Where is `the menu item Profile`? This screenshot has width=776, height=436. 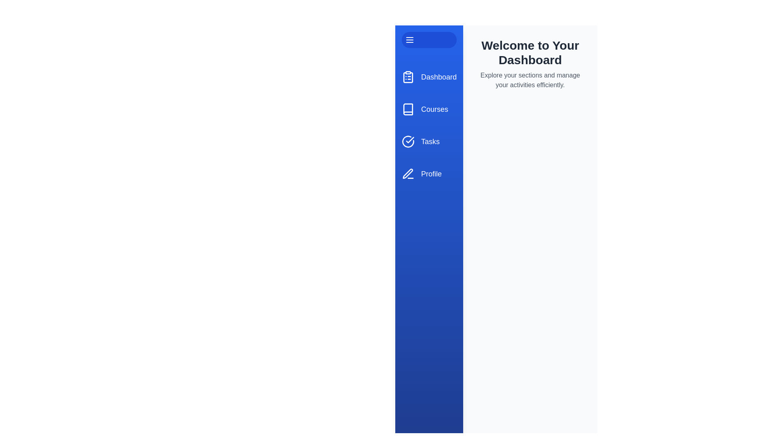
the menu item Profile is located at coordinates (428, 174).